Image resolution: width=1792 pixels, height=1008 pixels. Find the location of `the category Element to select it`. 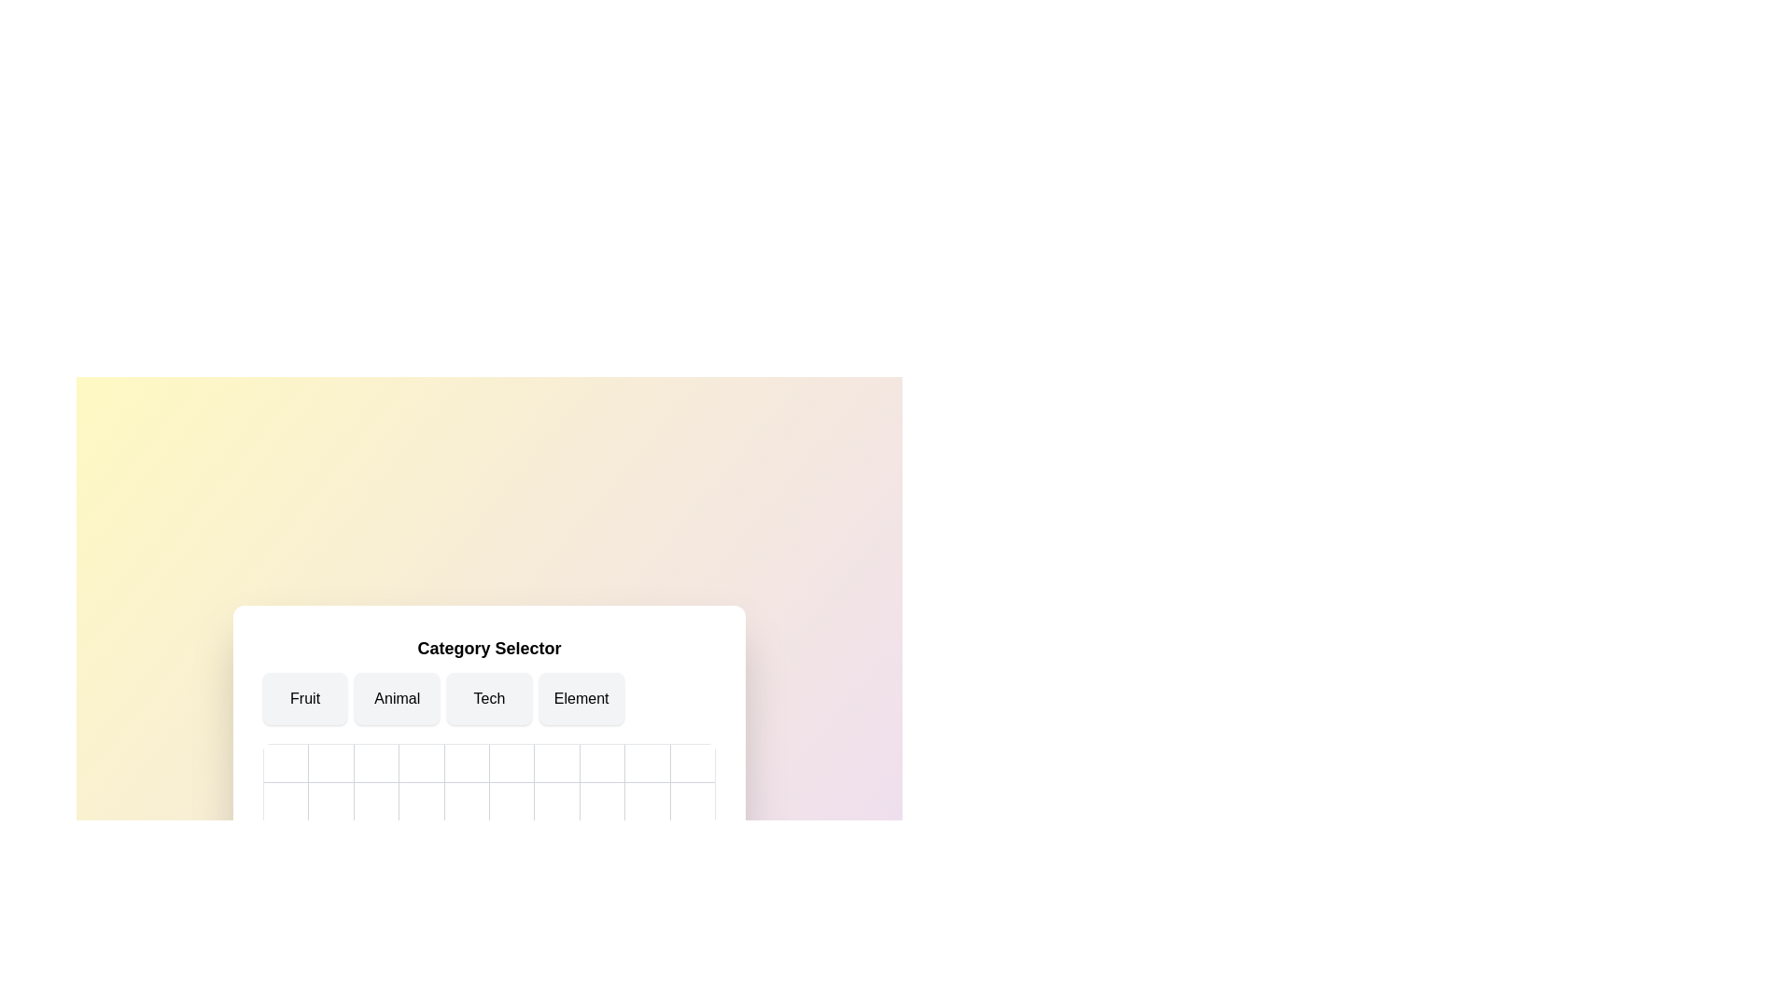

the category Element to select it is located at coordinates (581, 698).